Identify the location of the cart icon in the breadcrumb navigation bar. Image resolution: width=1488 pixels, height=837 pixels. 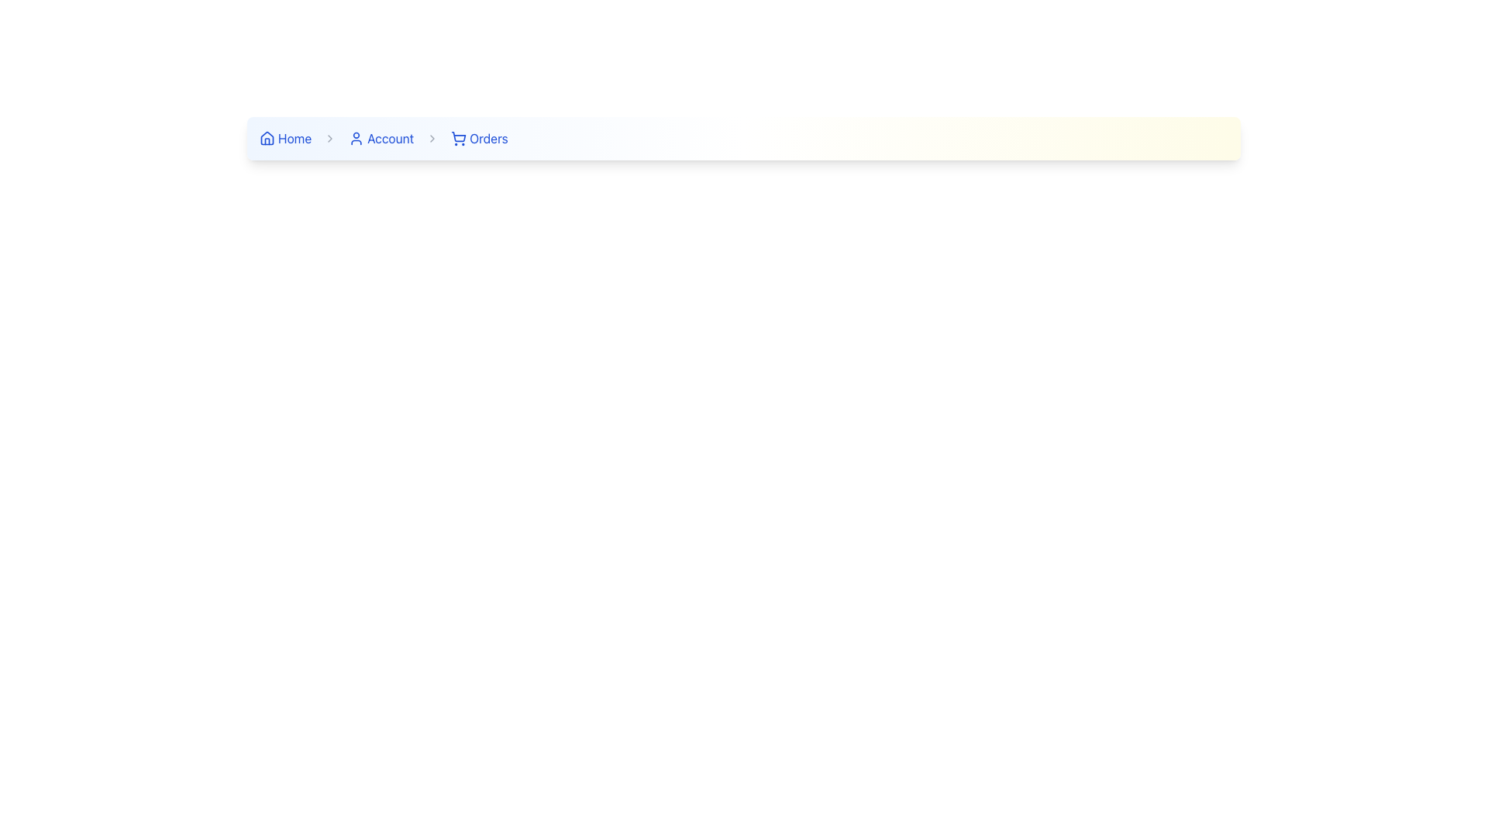
(458, 136).